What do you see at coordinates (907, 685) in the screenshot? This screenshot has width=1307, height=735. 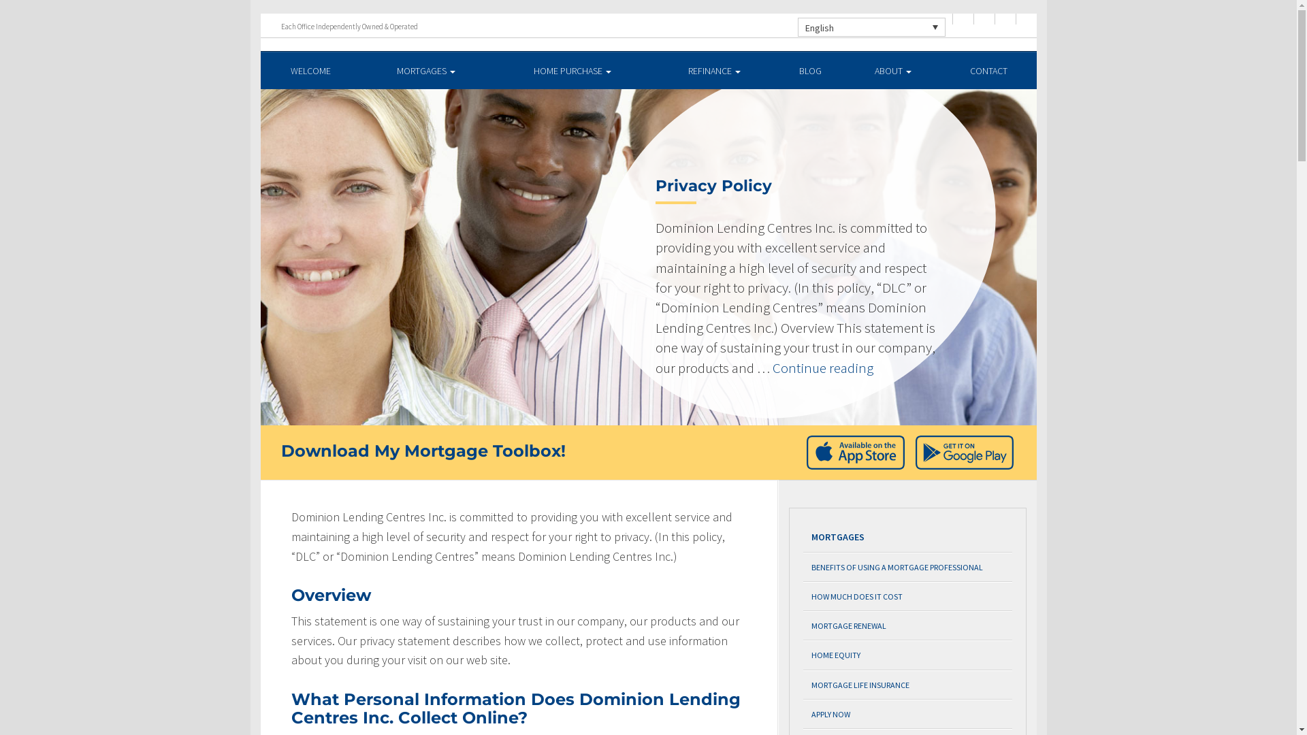 I see `'MORTGAGE LIFE INSURANCE'` at bounding box center [907, 685].